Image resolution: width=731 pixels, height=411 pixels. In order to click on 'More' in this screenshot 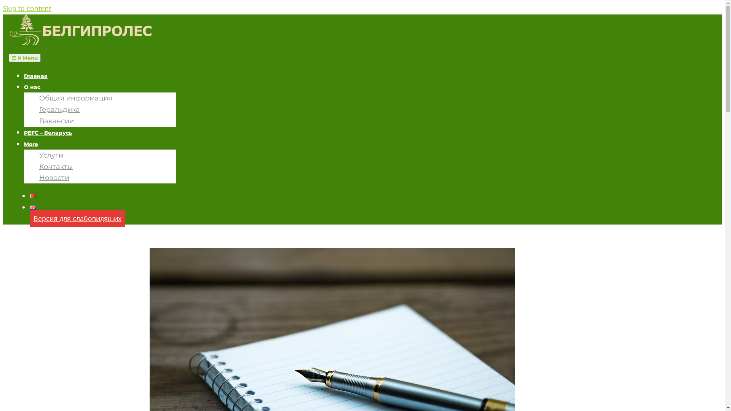, I will do `click(30, 144)`.